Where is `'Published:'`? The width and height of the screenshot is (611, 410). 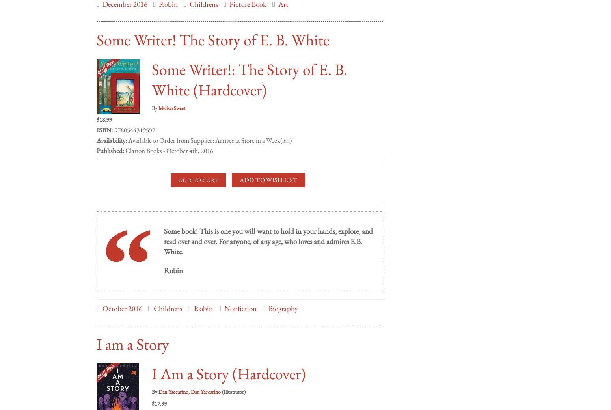 'Published:' is located at coordinates (110, 142).